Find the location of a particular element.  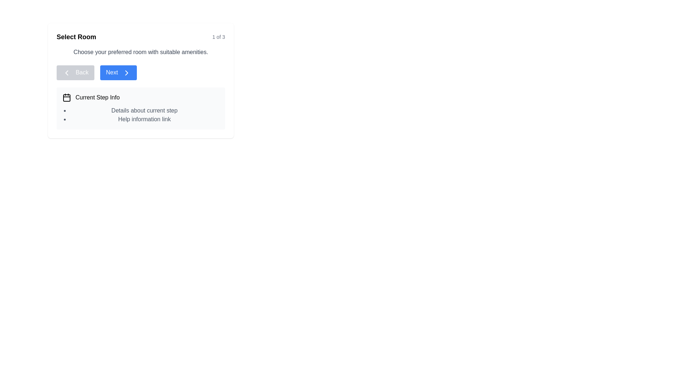

the Text label that serves as a reference under 'Current Step Info', located directly below 'Details about current step' is located at coordinates (144, 118).